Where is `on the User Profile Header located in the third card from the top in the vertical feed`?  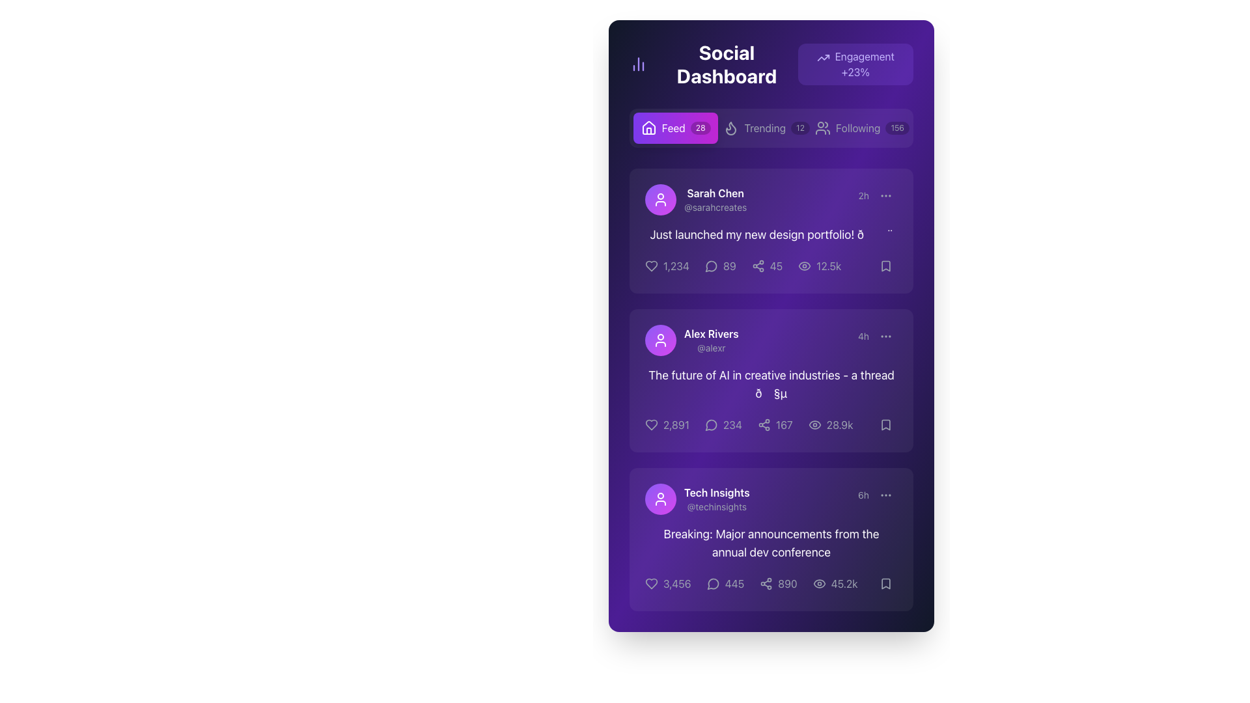
on the User Profile Header located in the third card from the top in the vertical feed is located at coordinates (696, 499).